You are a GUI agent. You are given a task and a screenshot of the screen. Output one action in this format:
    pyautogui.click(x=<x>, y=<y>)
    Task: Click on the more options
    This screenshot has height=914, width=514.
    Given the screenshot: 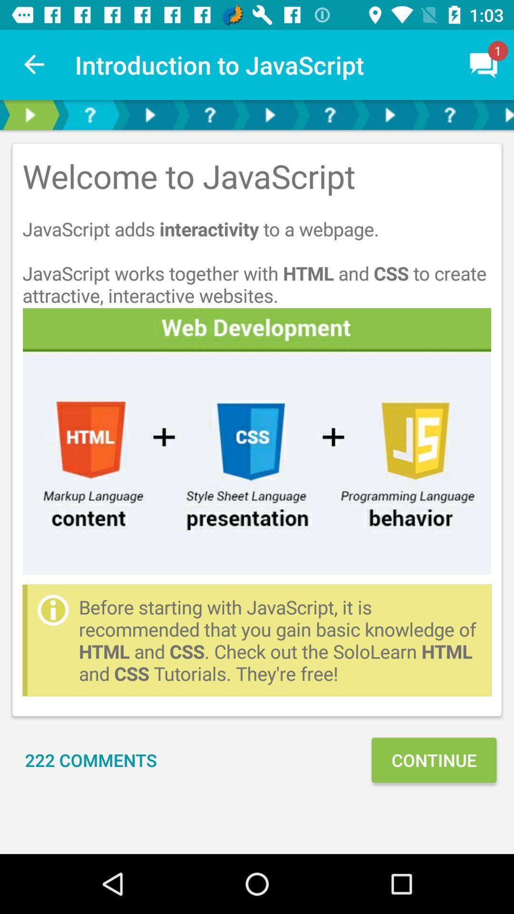 What is the action you would take?
    pyautogui.click(x=150, y=114)
    